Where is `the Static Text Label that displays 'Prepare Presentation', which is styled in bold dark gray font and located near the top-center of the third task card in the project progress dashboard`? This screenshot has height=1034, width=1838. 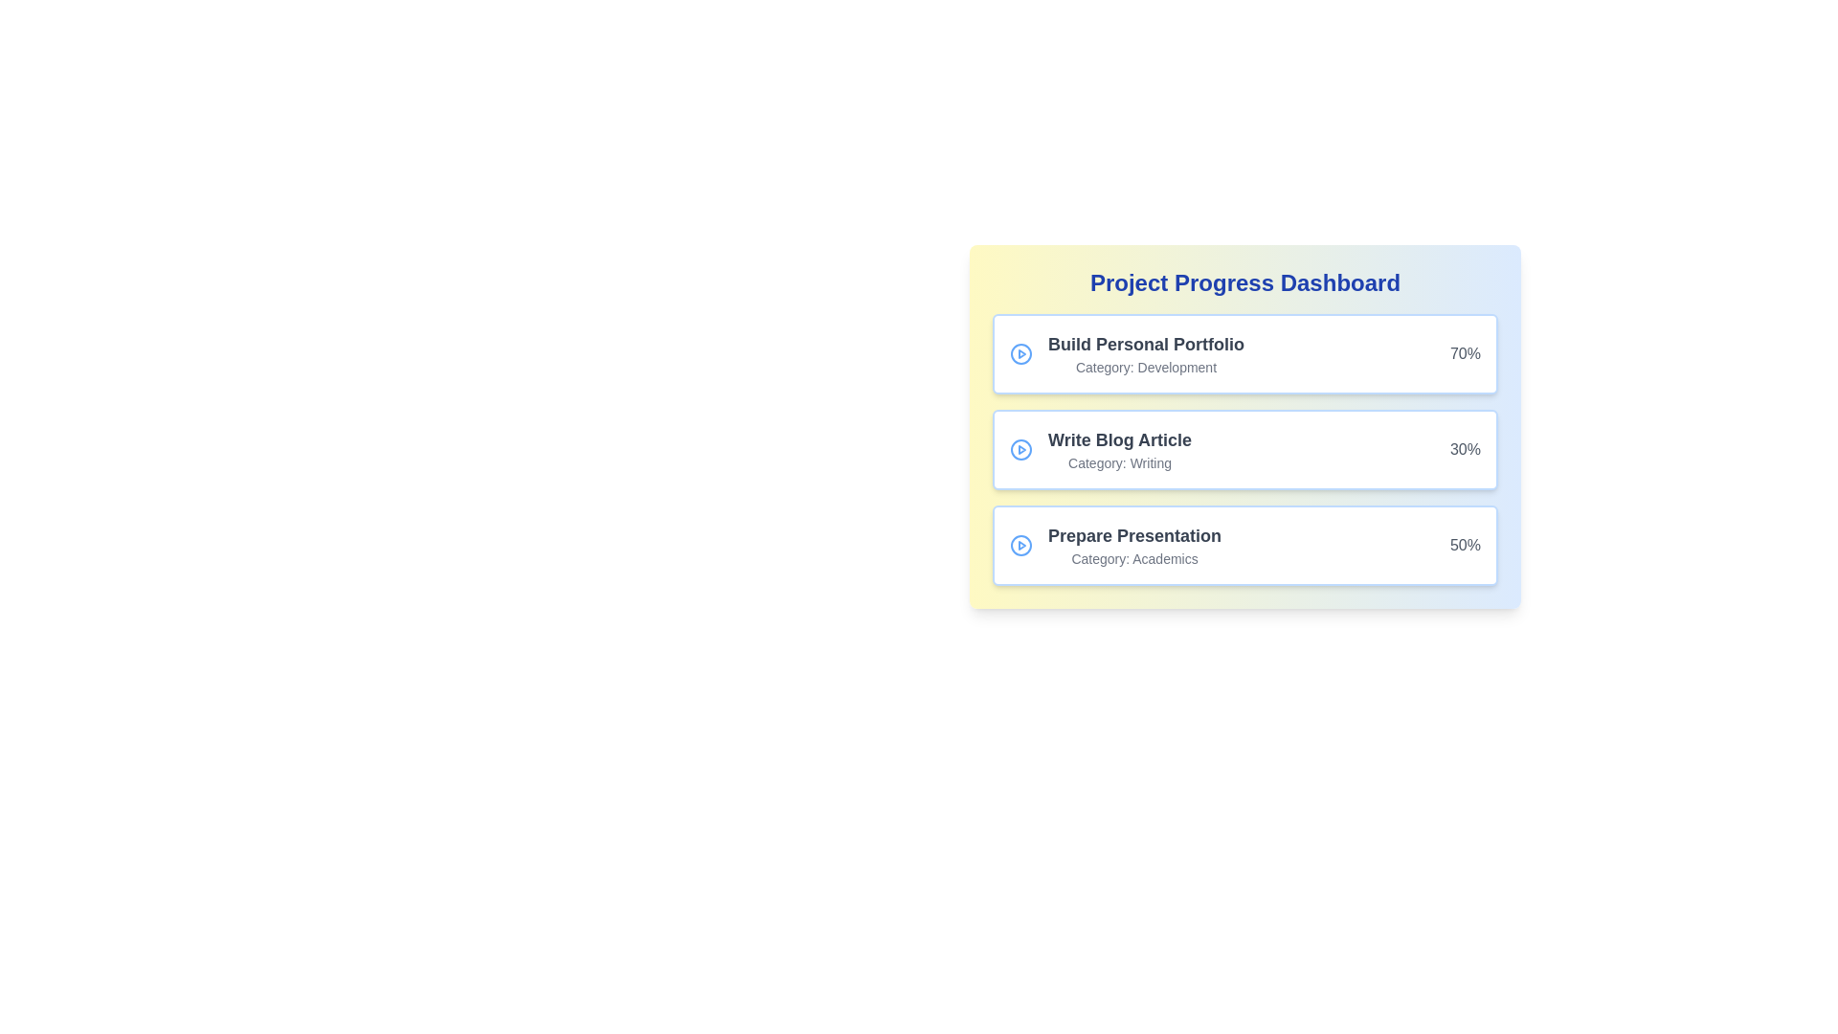
the Static Text Label that displays 'Prepare Presentation', which is styled in bold dark gray font and located near the top-center of the third task card in the project progress dashboard is located at coordinates (1134, 535).